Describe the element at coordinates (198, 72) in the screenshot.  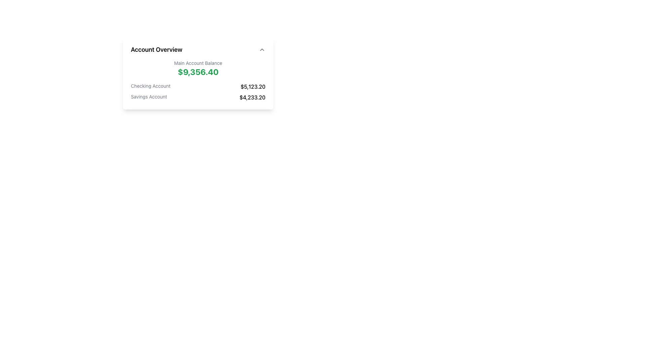
I see `the prominently styled text displaying the value '$9,356.40', which is green, bold, and larger in size, located under the 'Main Account Balance' label in the 'Account Overview' section` at that location.